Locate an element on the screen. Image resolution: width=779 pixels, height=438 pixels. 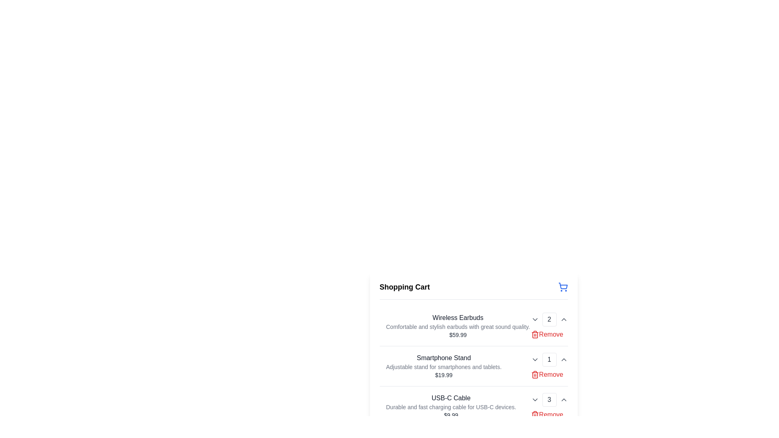
the red 'Remove' text link with trash can icon located in the shopping cart interface is located at coordinates (547, 335).